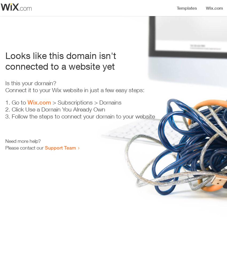 This screenshot has height=268, width=227. I want to click on 'Please contact our', so click(25, 148).